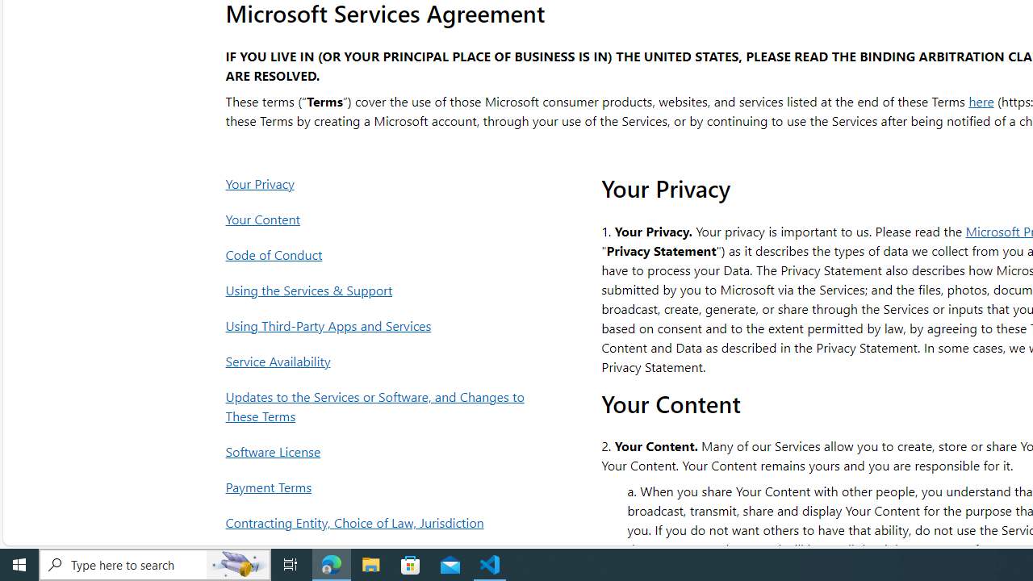 The width and height of the screenshot is (1033, 581). Describe the element at coordinates (981, 100) in the screenshot. I see `'here'` at that location.